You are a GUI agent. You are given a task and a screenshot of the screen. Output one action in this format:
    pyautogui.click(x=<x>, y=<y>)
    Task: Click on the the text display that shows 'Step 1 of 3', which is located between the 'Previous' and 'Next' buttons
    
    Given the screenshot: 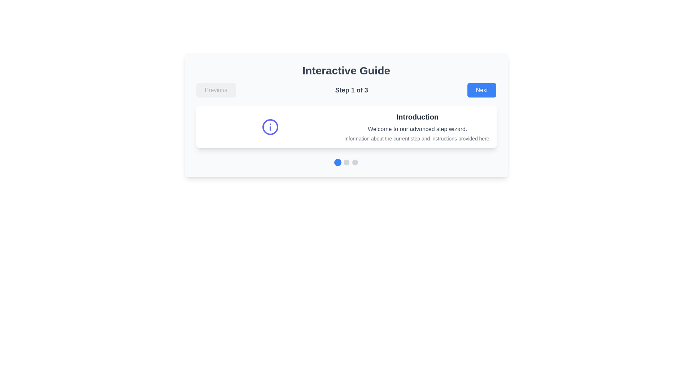 What is the action you would take?
    pyautogui.click(x=352, y=90)
    